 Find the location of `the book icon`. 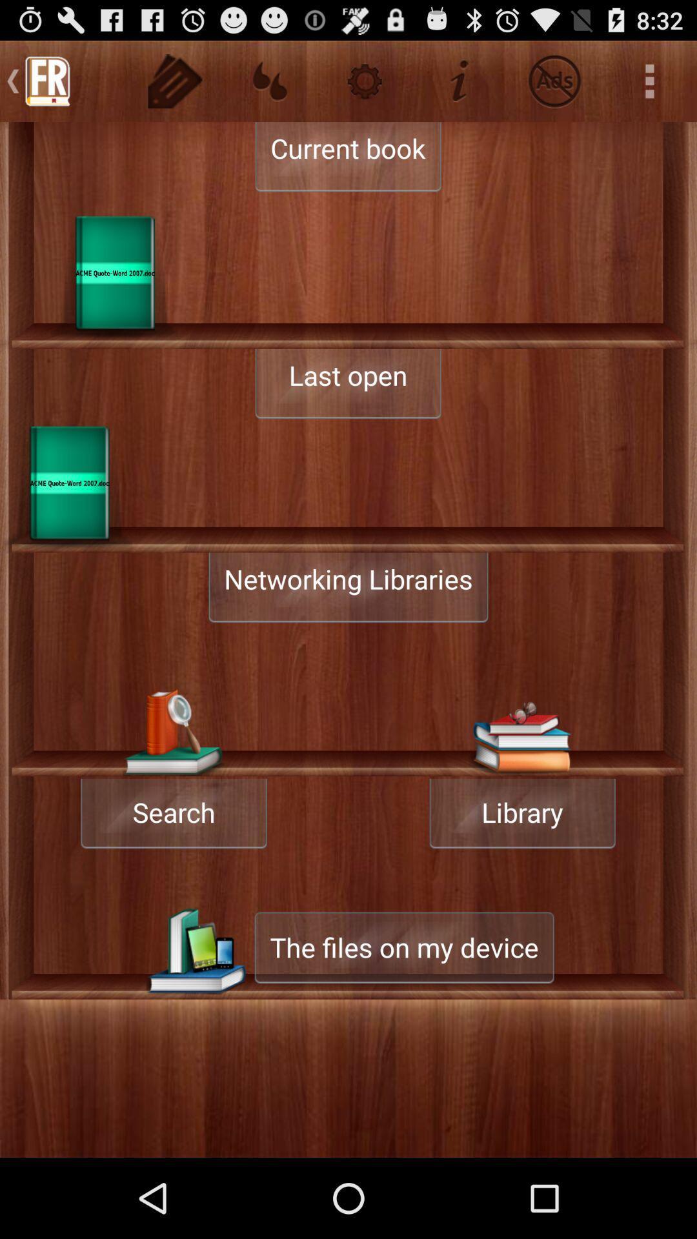

the book icon is located at coordinates (114, 297).